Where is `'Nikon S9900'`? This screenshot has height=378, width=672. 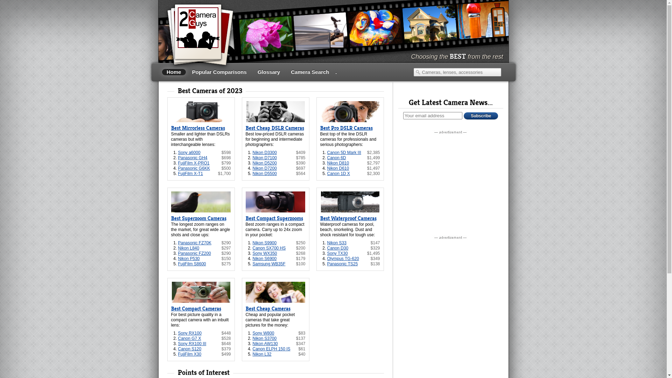 'Nikon S9900' is located at coordinates (264, 243).